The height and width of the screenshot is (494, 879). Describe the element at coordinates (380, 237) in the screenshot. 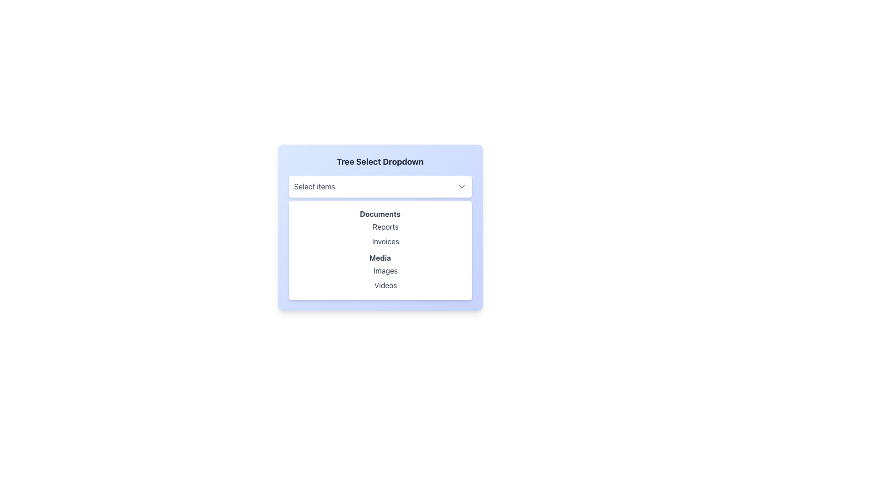

I see `the 'Invoices' entry in the dropdown menu` at that location.